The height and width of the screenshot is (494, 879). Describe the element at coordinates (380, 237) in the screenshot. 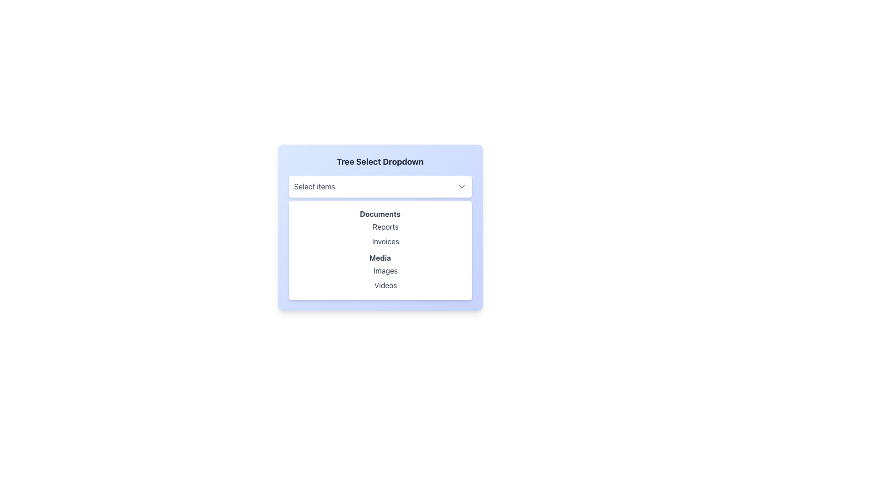

I see `the 'Invoices' entry in the dropdown menu` at that location.